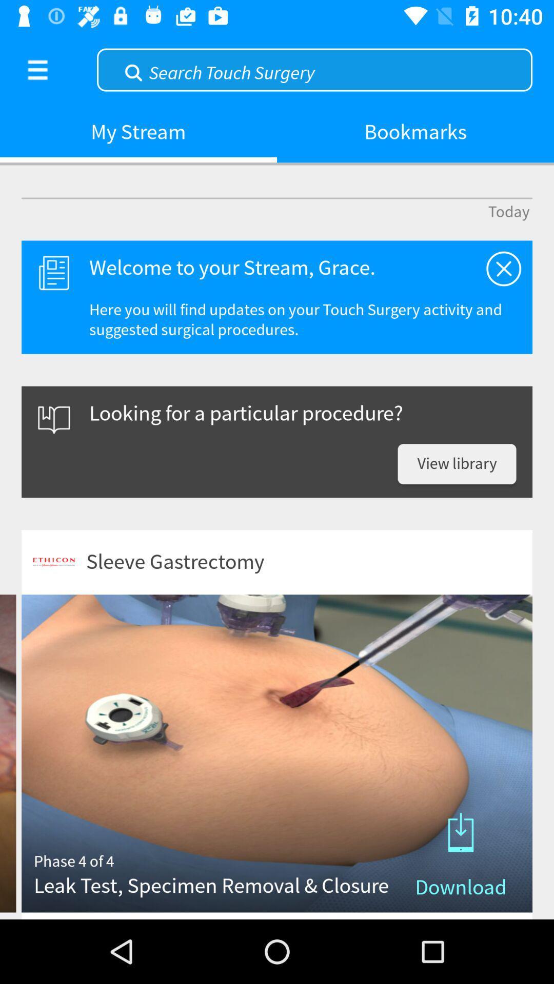 The height and width of the screenshot is (984, 554). Describe the element at coordinates (314, 68) in the screenshot. I see `perform a search` at that location.